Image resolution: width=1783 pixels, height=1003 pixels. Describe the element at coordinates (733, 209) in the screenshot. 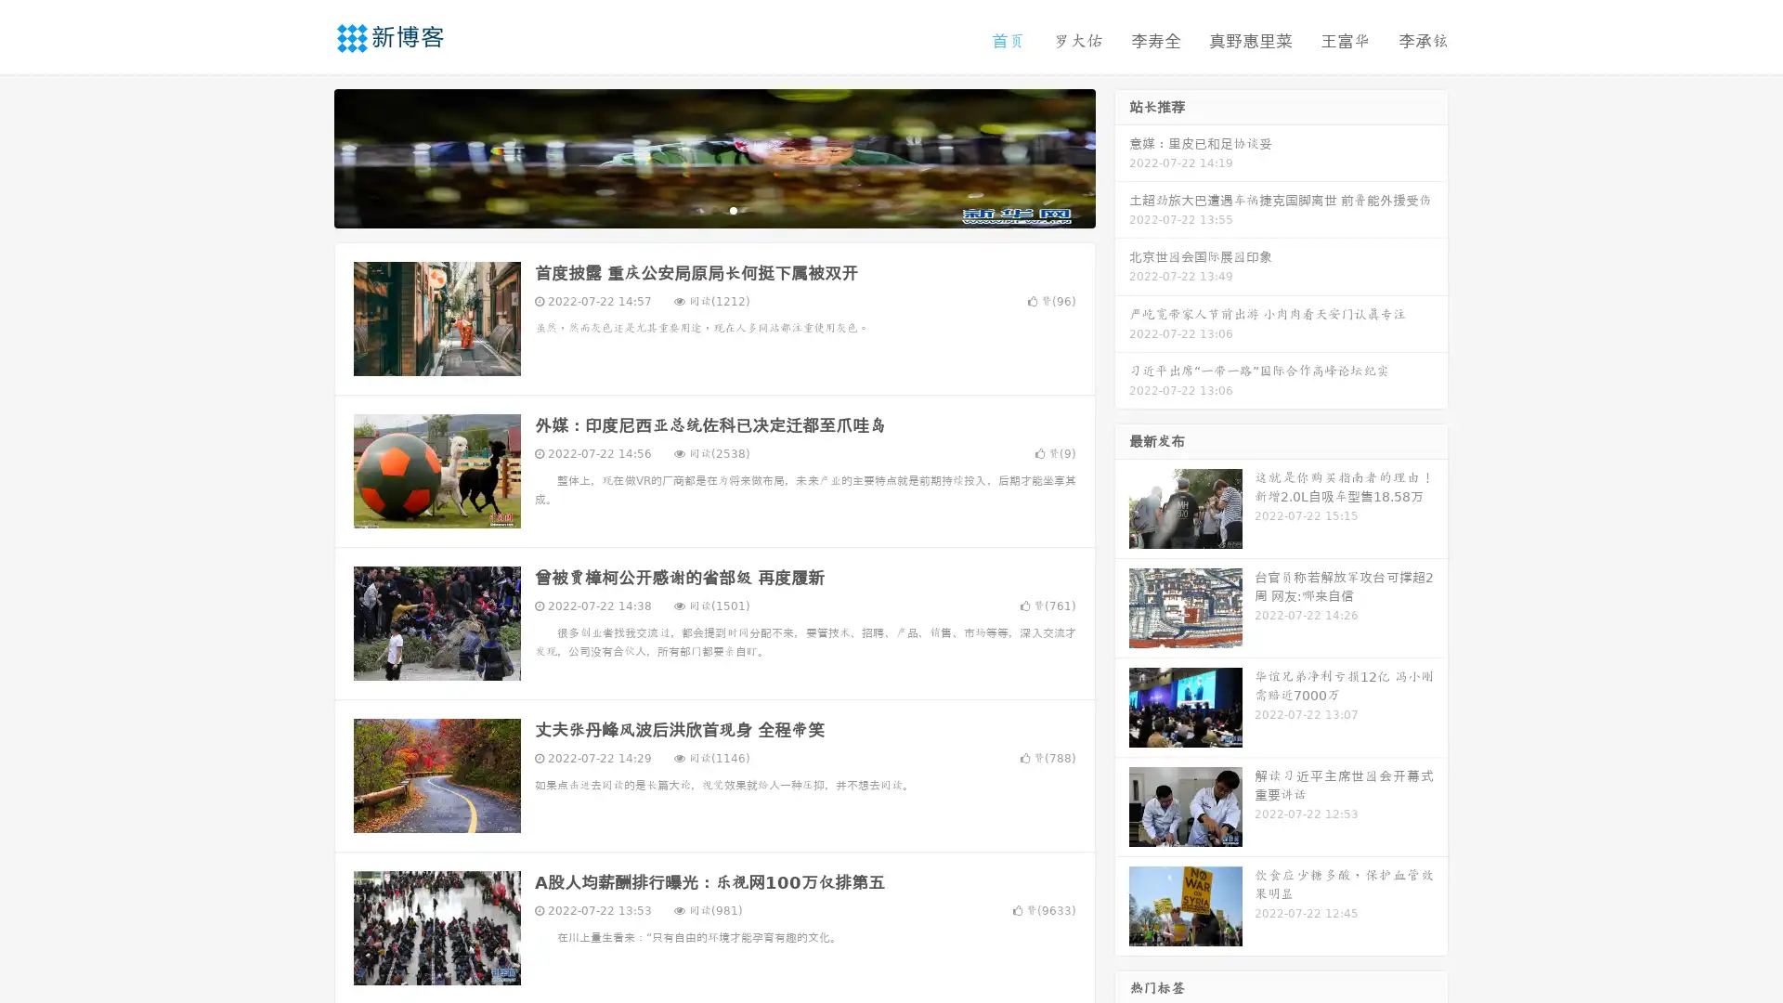

I see `Go to slide 3` at that location.